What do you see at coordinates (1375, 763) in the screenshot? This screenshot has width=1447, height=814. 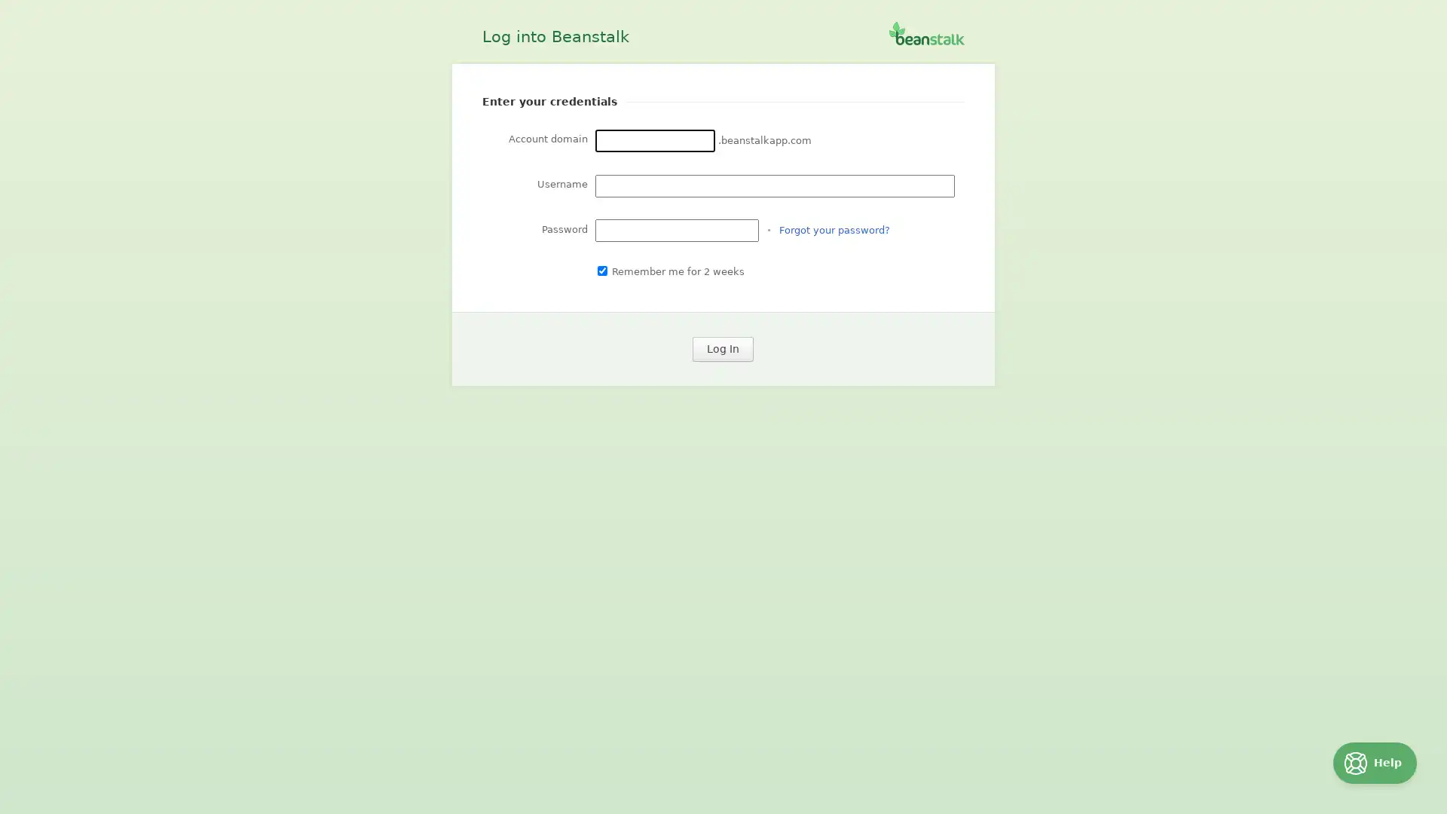 I see `Help` at bounding box center [1375, 763].